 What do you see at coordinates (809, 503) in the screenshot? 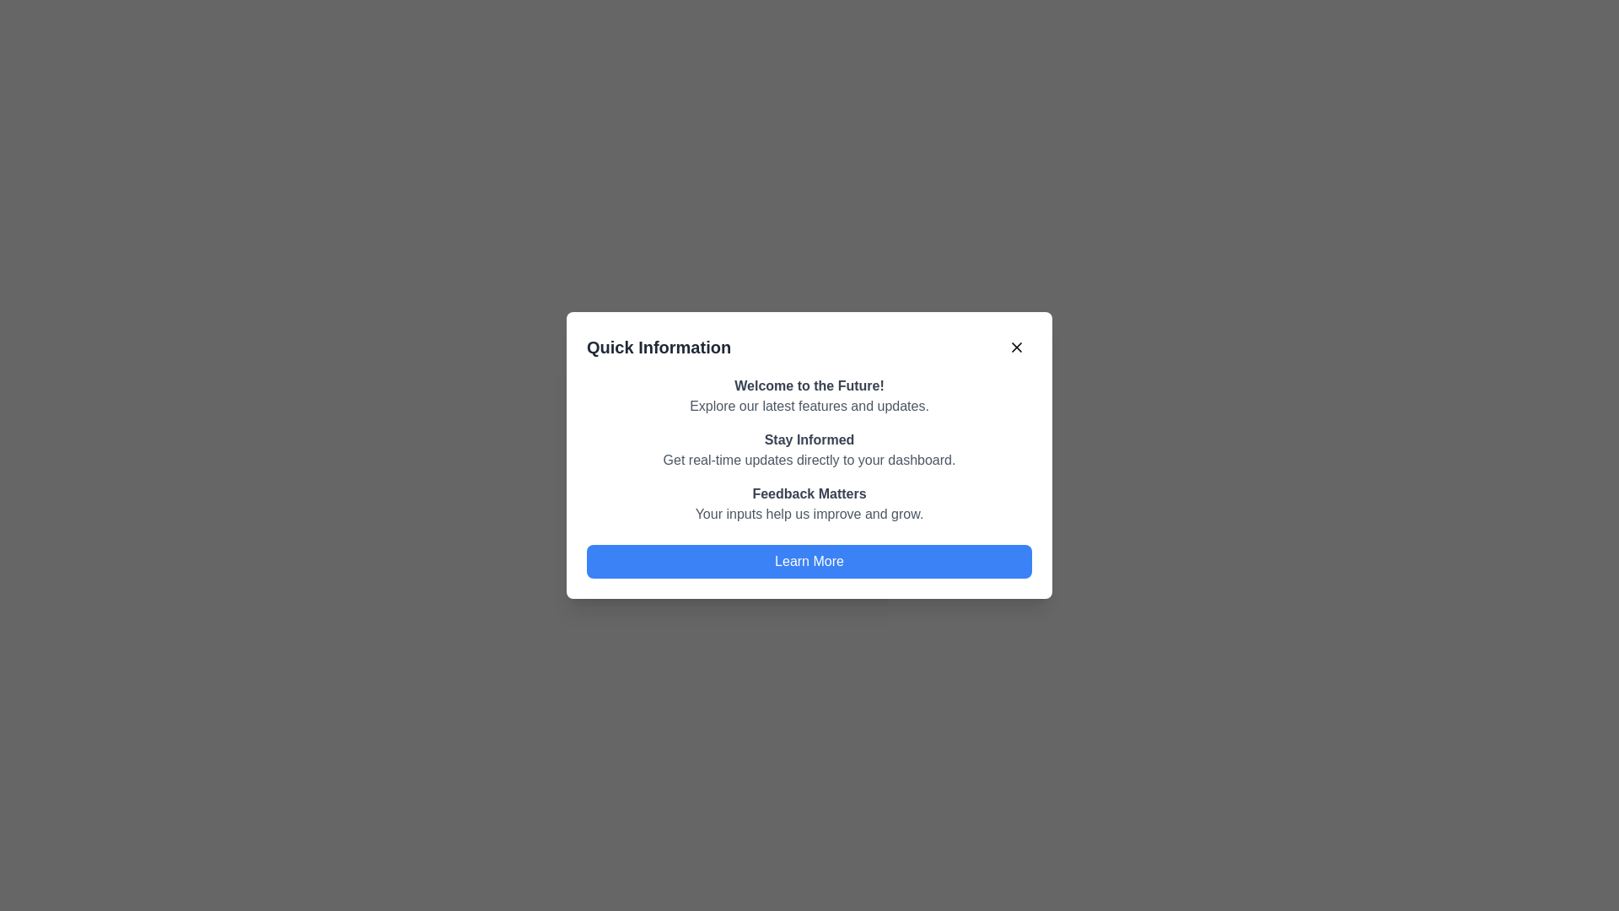
I see `the informational Text Block centered in the pop-up window, located beneath the 'Stay Informed' section and above the blue 'Learn More' button` at bounding box center [809, 503].